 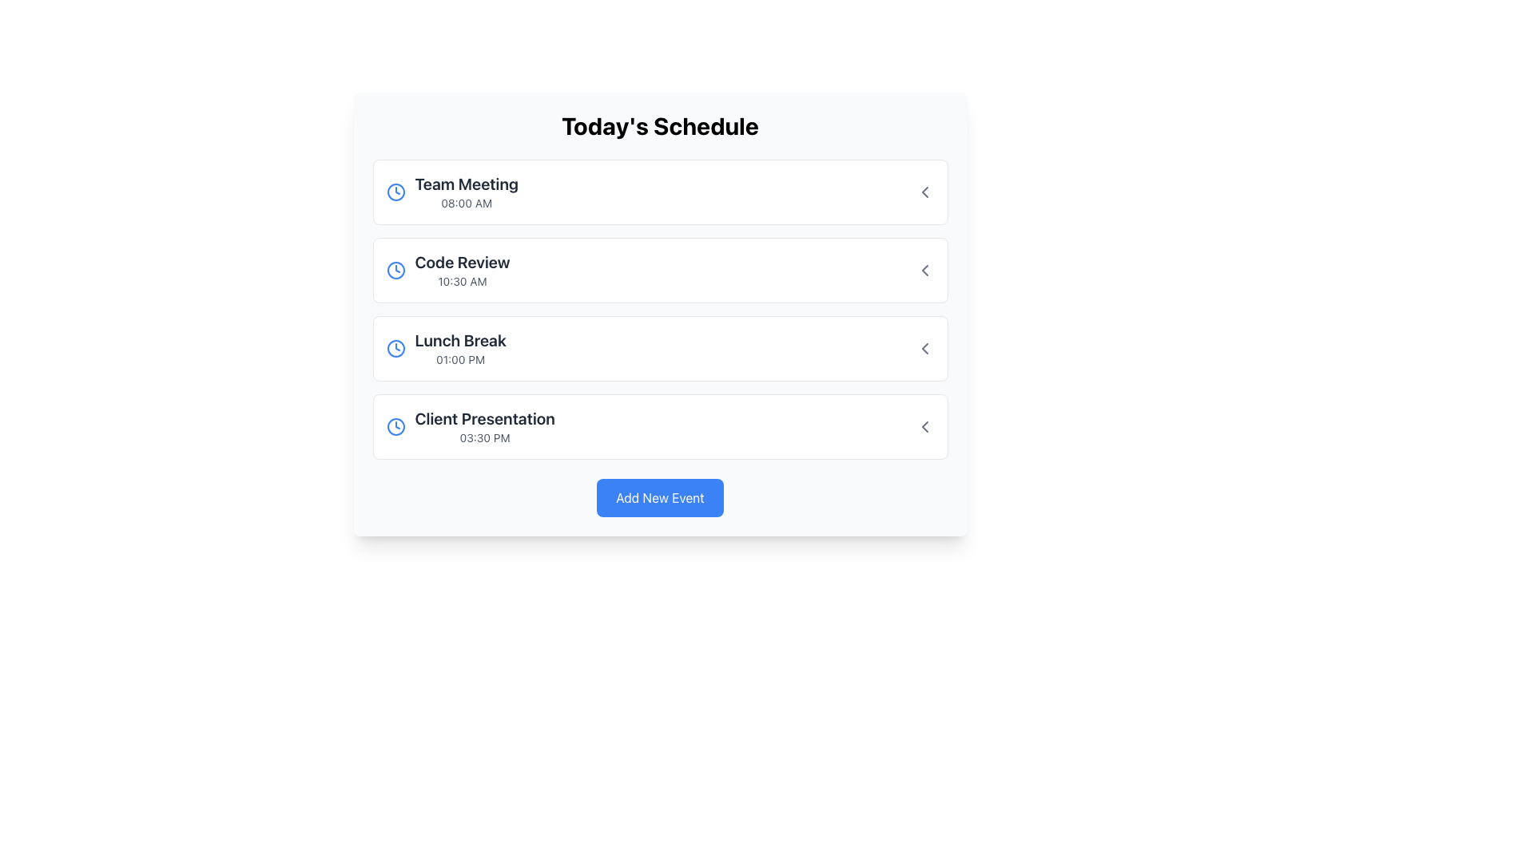 What do you see at coordinates (395, 426) in the screenshot?
I see `the small circular clock icon with a blue outline located at the left end of the 'Client Presentation 03:30 PM' list item, adjacent to the text` at bounding box center [395, 426].